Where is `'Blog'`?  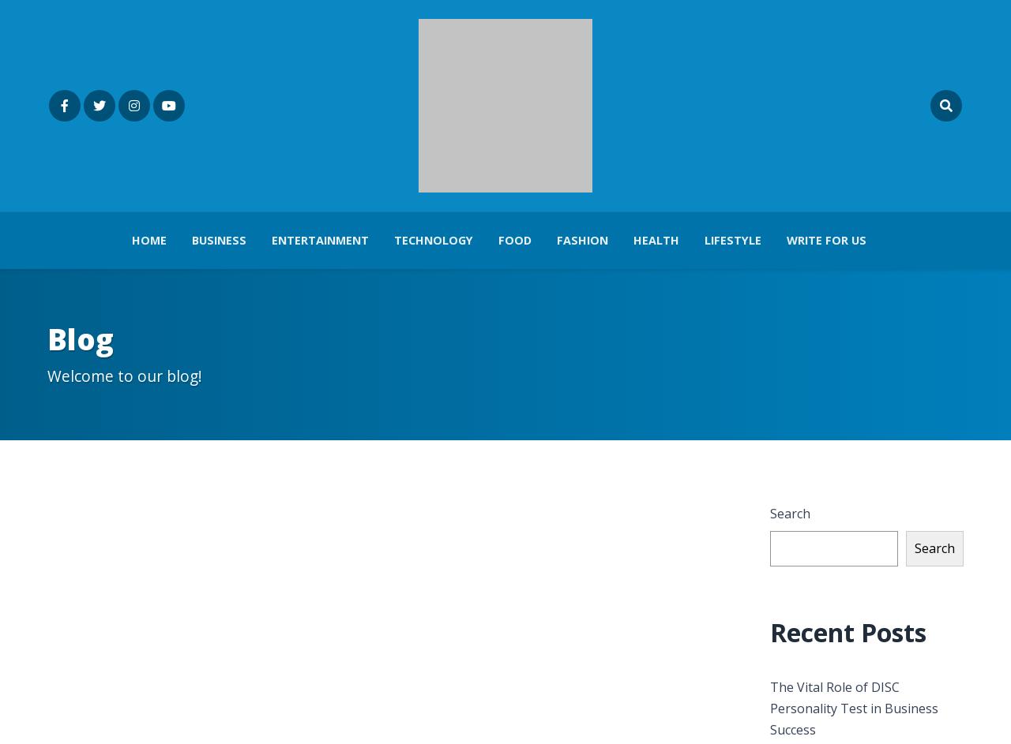 'Blog' is located at coordinates (80, 339).